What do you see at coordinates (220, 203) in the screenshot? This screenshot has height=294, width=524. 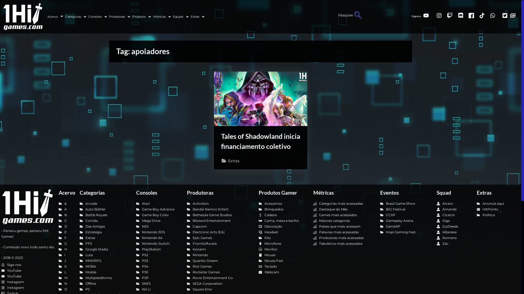 I see `'Activision'` at bounding box center [220, 203].